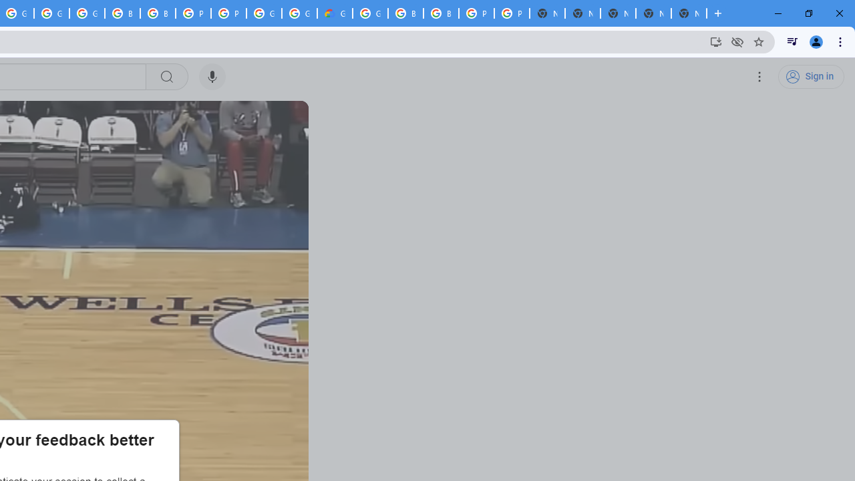  Describe the element at coordinates (212, 77) in the screenshot. I see `'Search with your voice'` at that location.